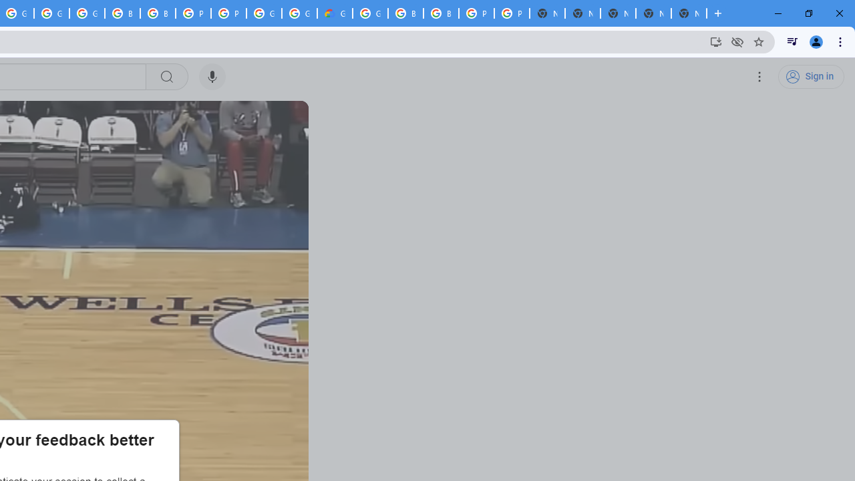  Describe the element at coordinates (212, 77) in the screenshot. I see `'Search with your voice'` at that location.